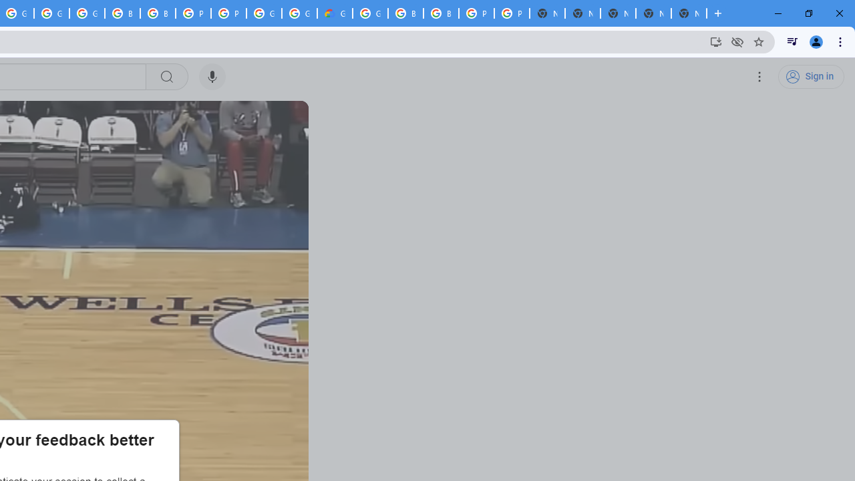  Describe the element at coordinates (212, 77) in the screenshot. I see `'Search with your voice'` at that location.